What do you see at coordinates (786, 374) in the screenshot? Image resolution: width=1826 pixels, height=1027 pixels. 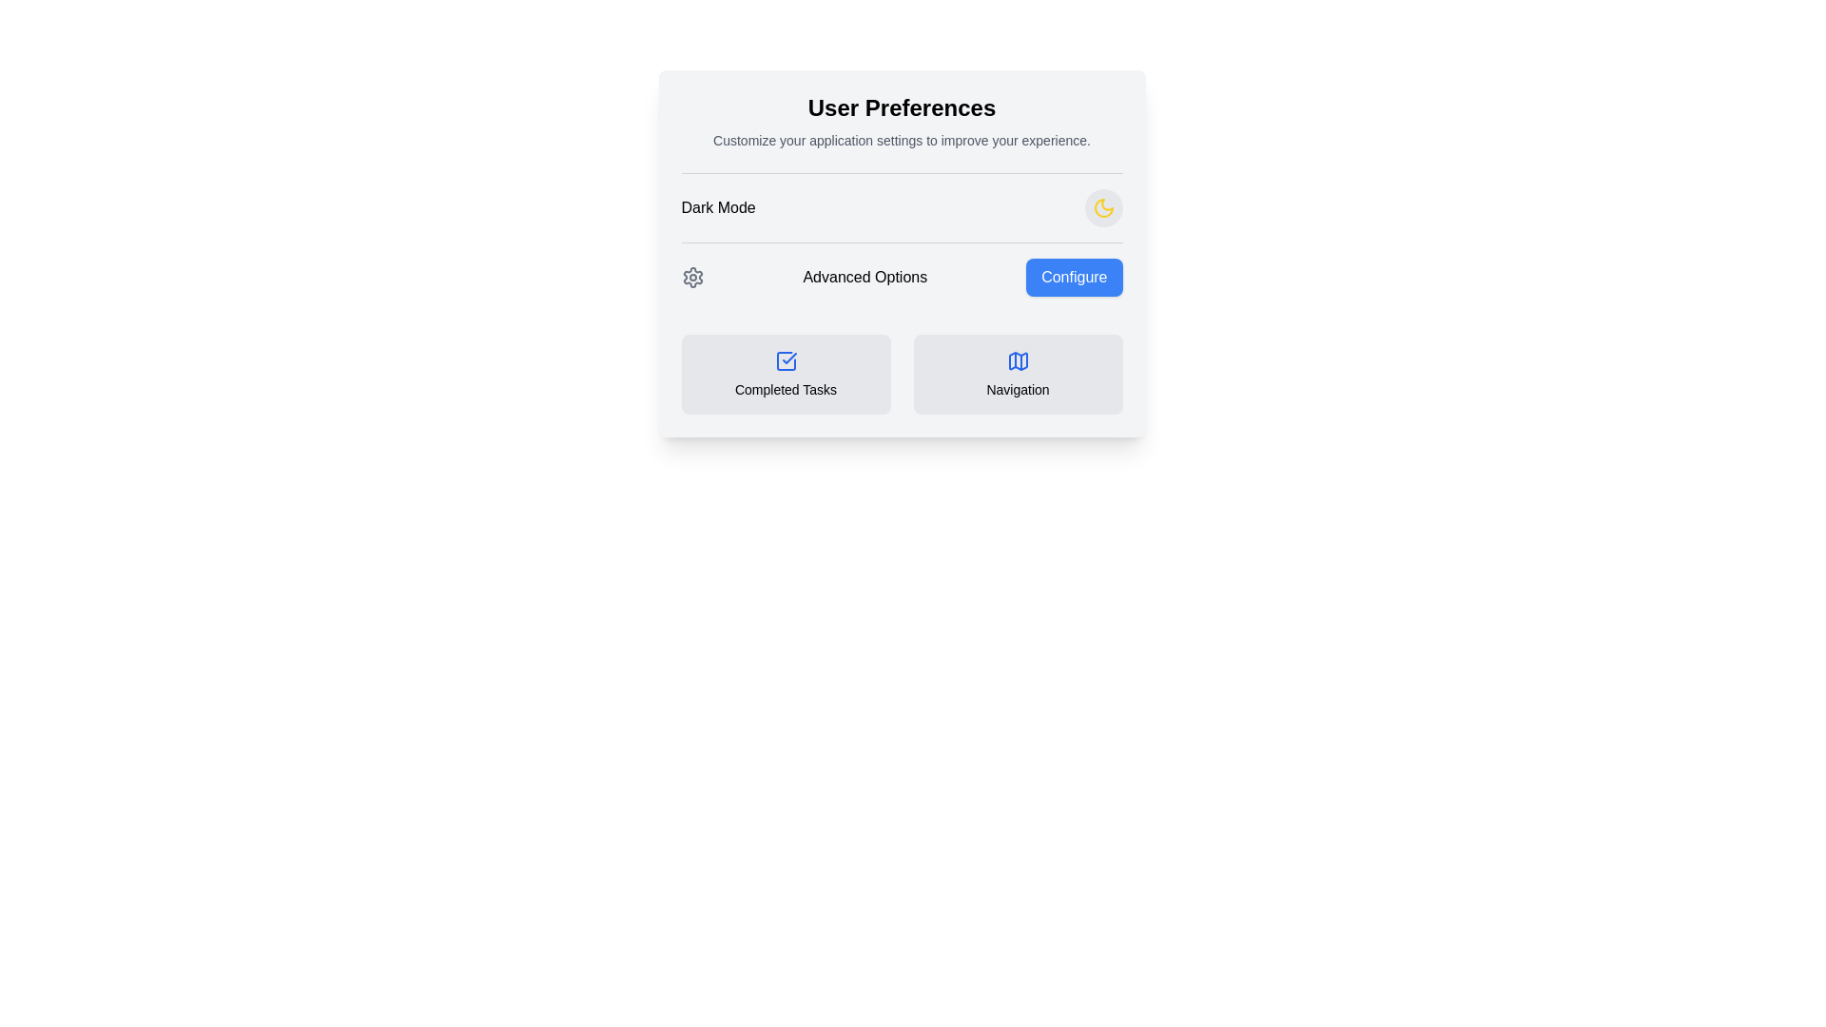 I see `the Card widget located in the bottom-left quadrant of the grid layout` at bounding box center [786, 374].